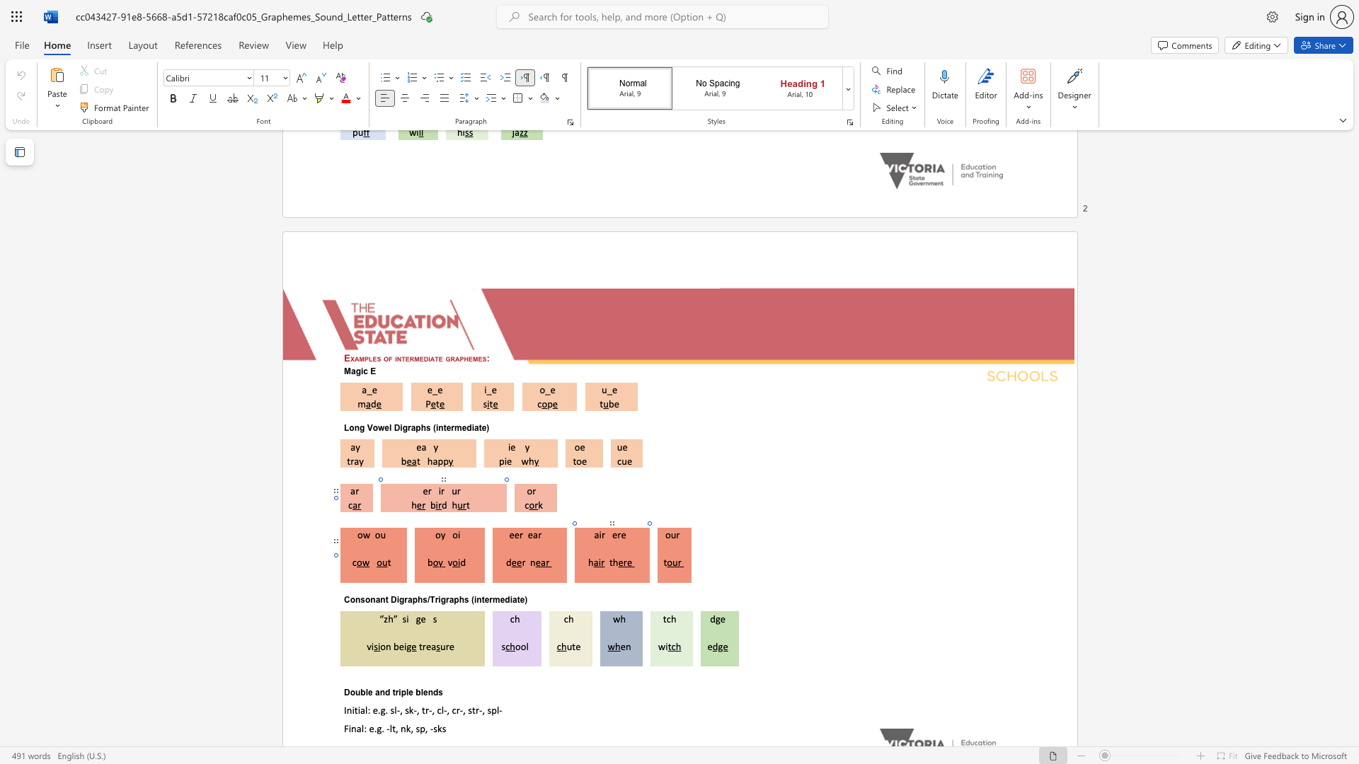  What do you see at coordinates (360, 728) in the screenshot?
I see `the space between the continuous character "a" and "l" in the text` at bounding box center [360, 728].